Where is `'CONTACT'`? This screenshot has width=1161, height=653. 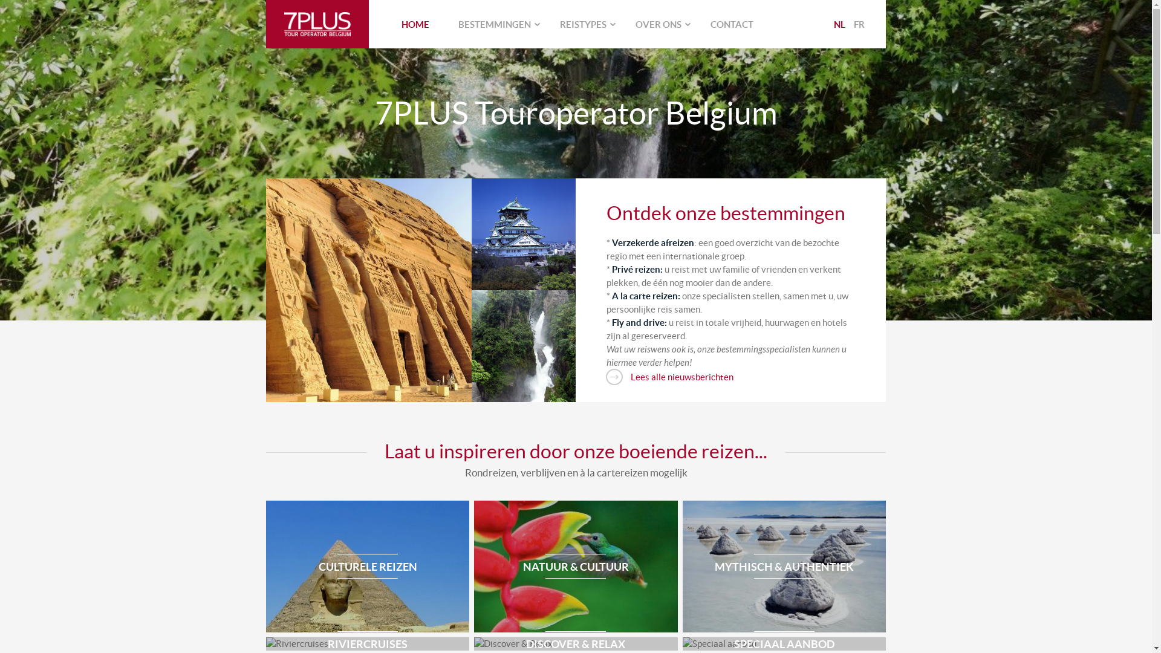
'CONTACT' is located at coordinates (731, 24).